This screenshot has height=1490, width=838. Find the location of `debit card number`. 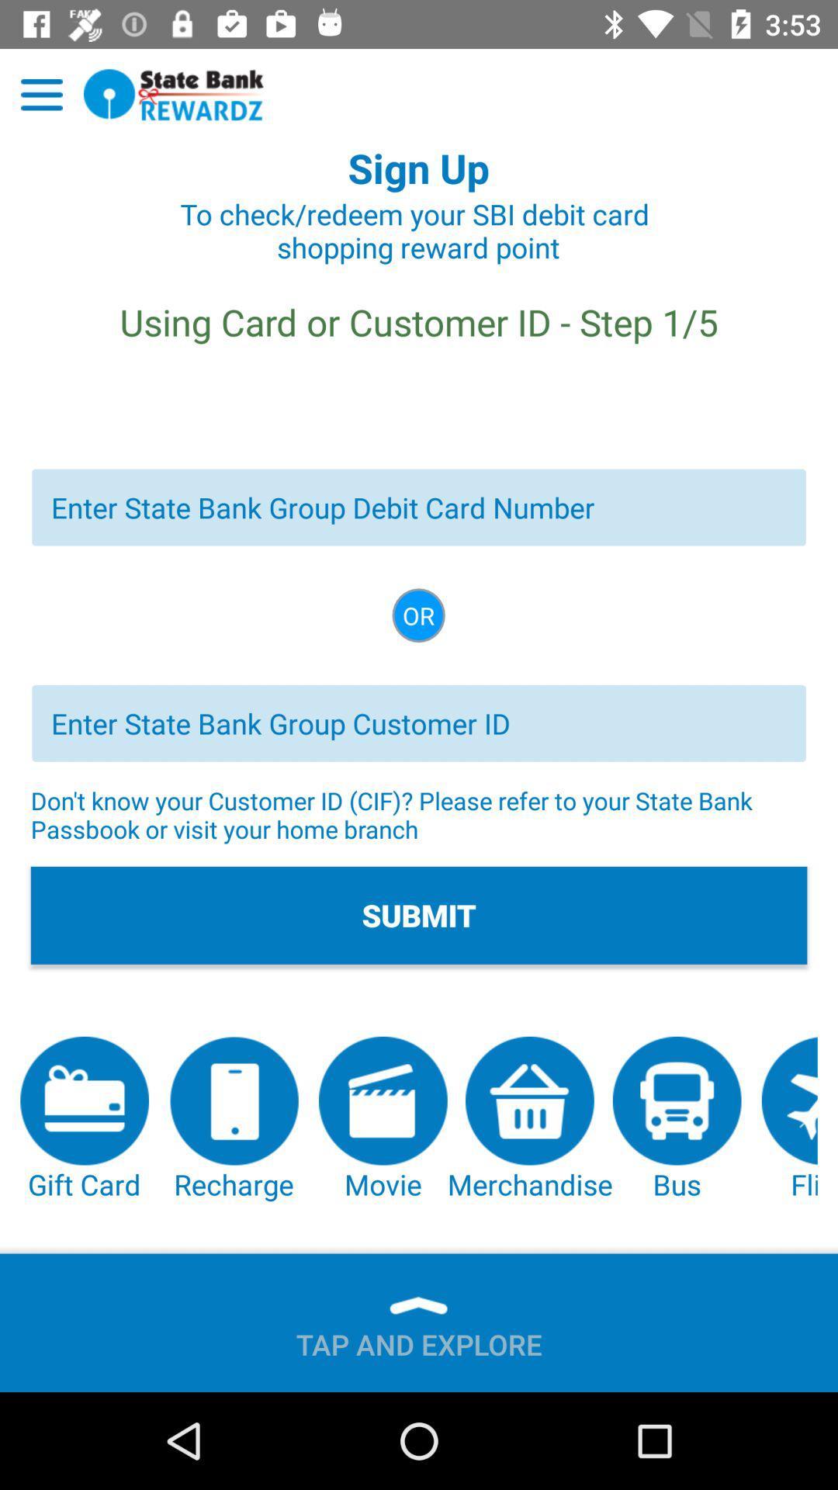

debit card number is located at coordinates (419, 507).